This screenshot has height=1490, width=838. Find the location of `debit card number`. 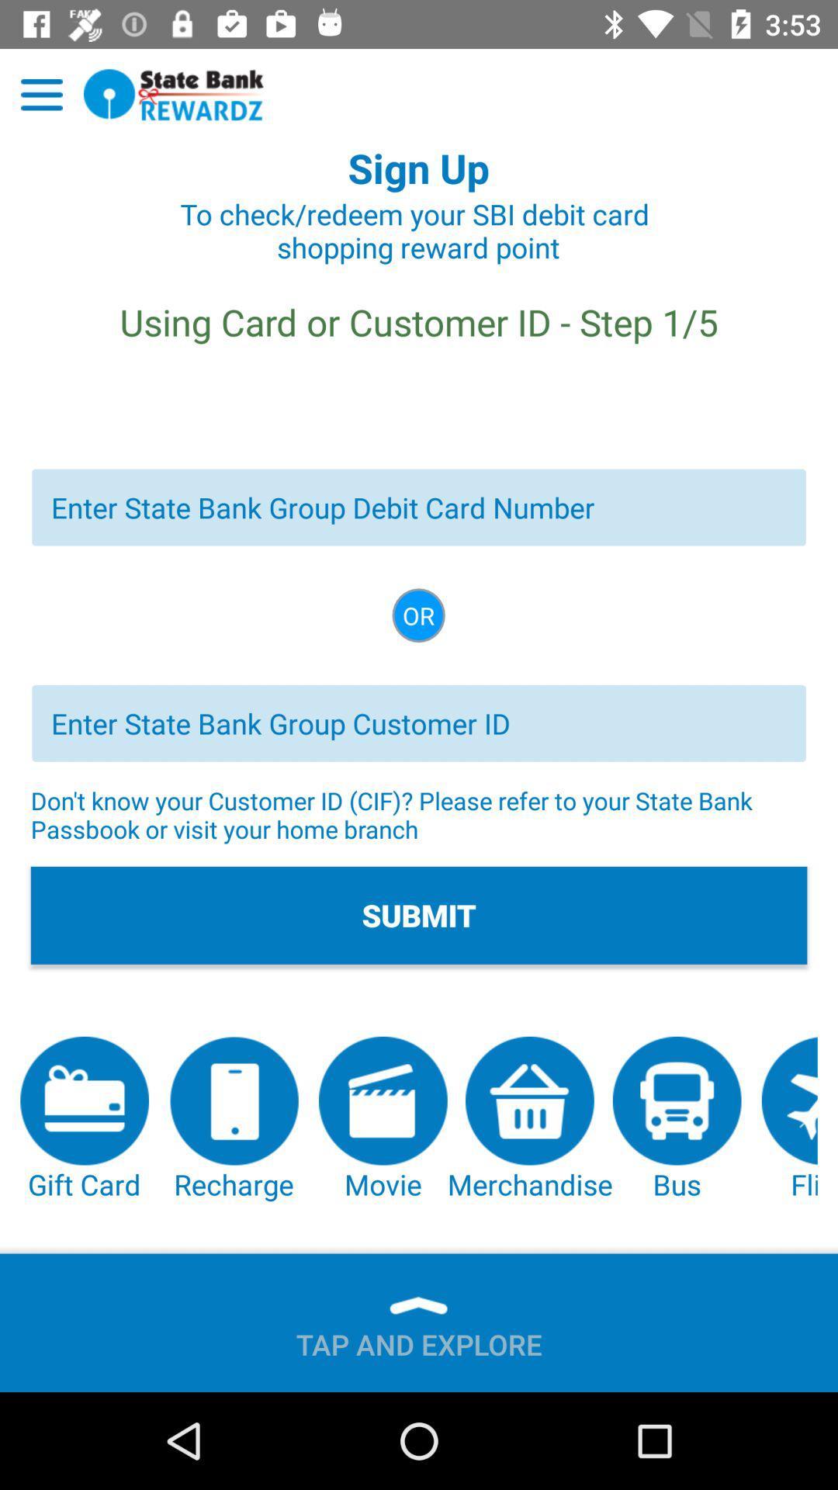

debit card number is located at coordinates (419, 507).